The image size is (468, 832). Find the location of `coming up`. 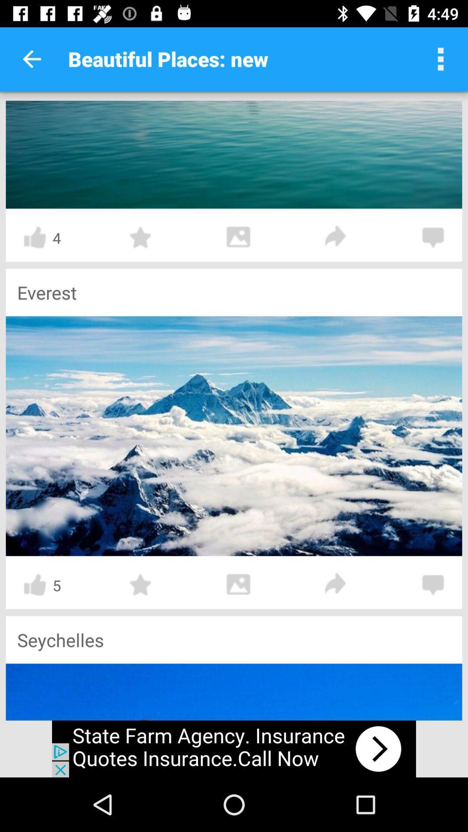

coming up is located at coordinates (335, 585).